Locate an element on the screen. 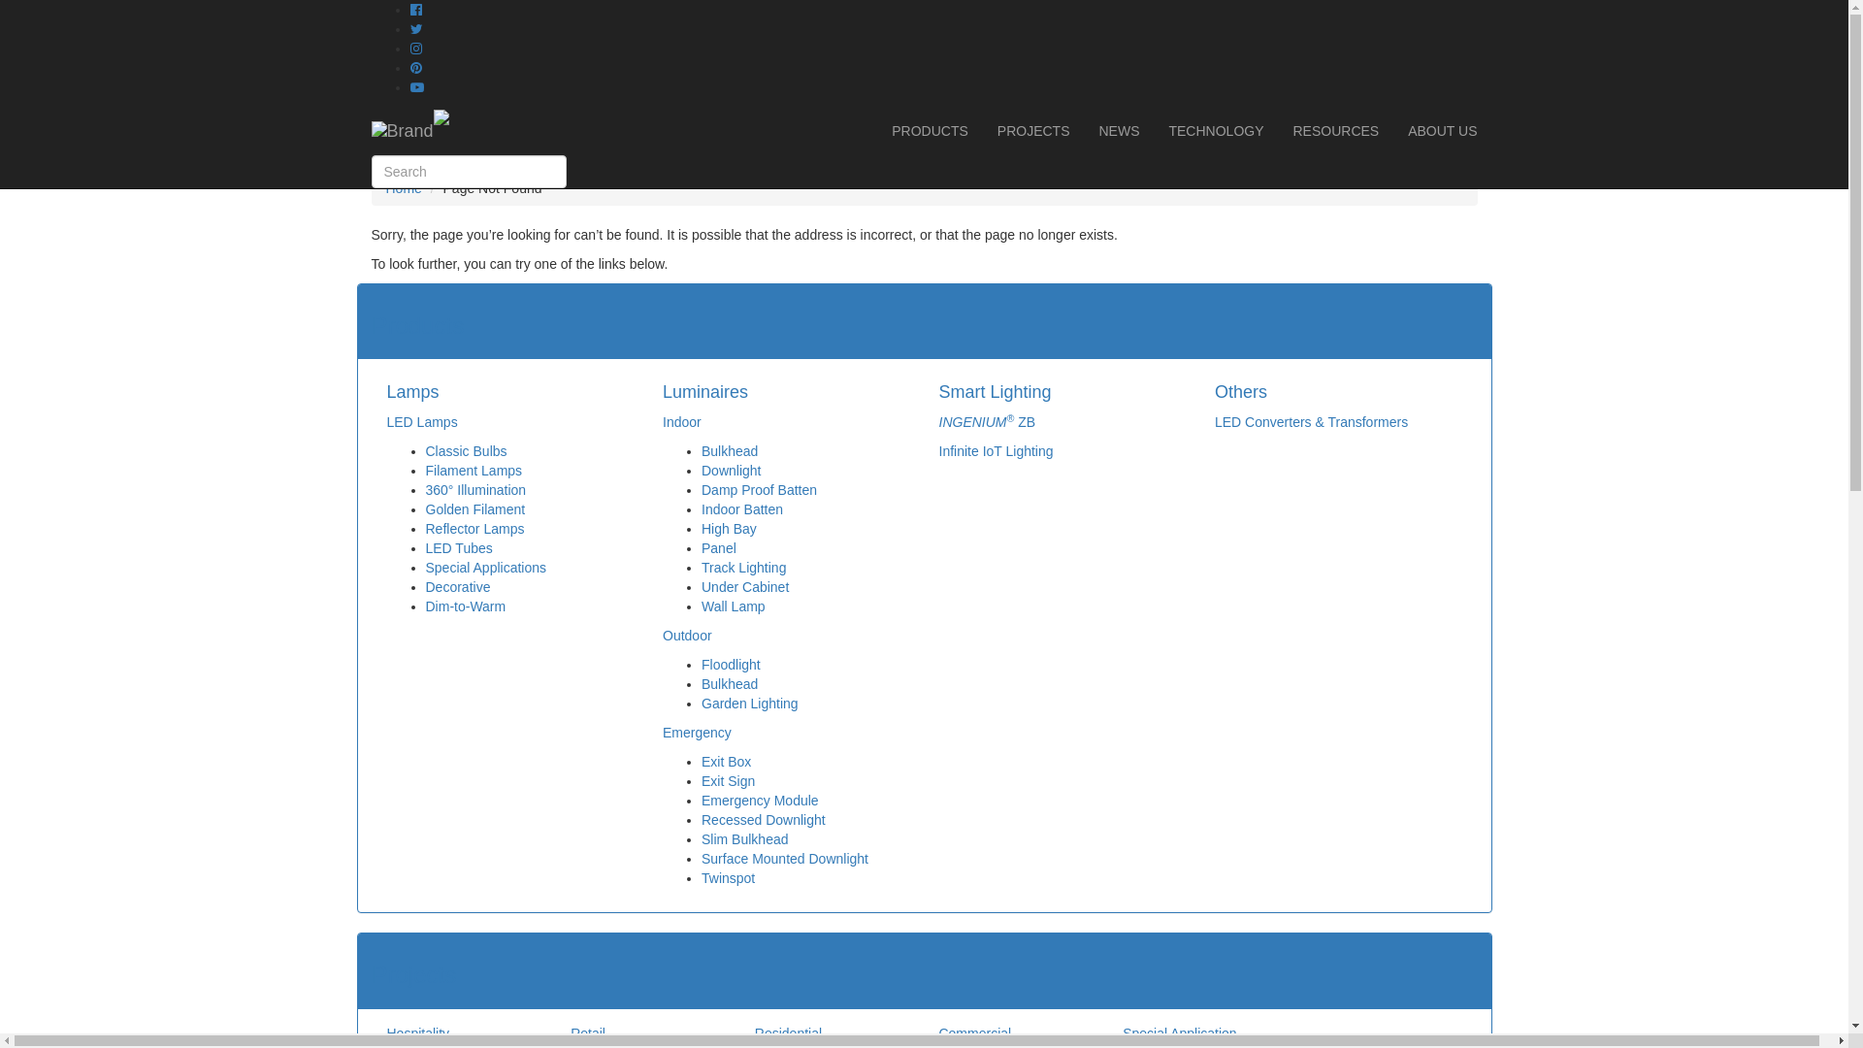 The height and width of the screenshot is (1048, 1863). 'Infinite IoT Lighting' is located at coordinates (997, 451).